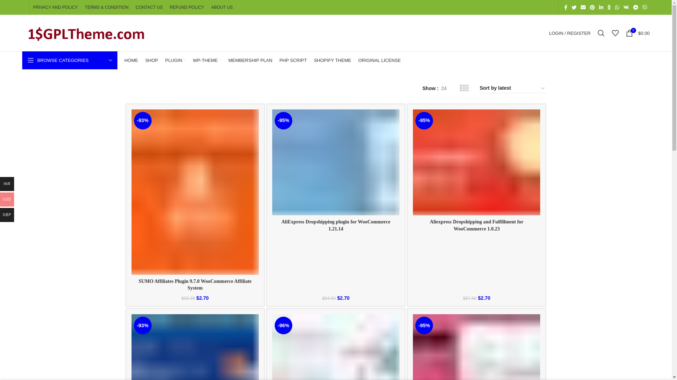  Describe the element at coordinates (221, 7) in the screenshot. I see `'ABOUT US'` at that location.